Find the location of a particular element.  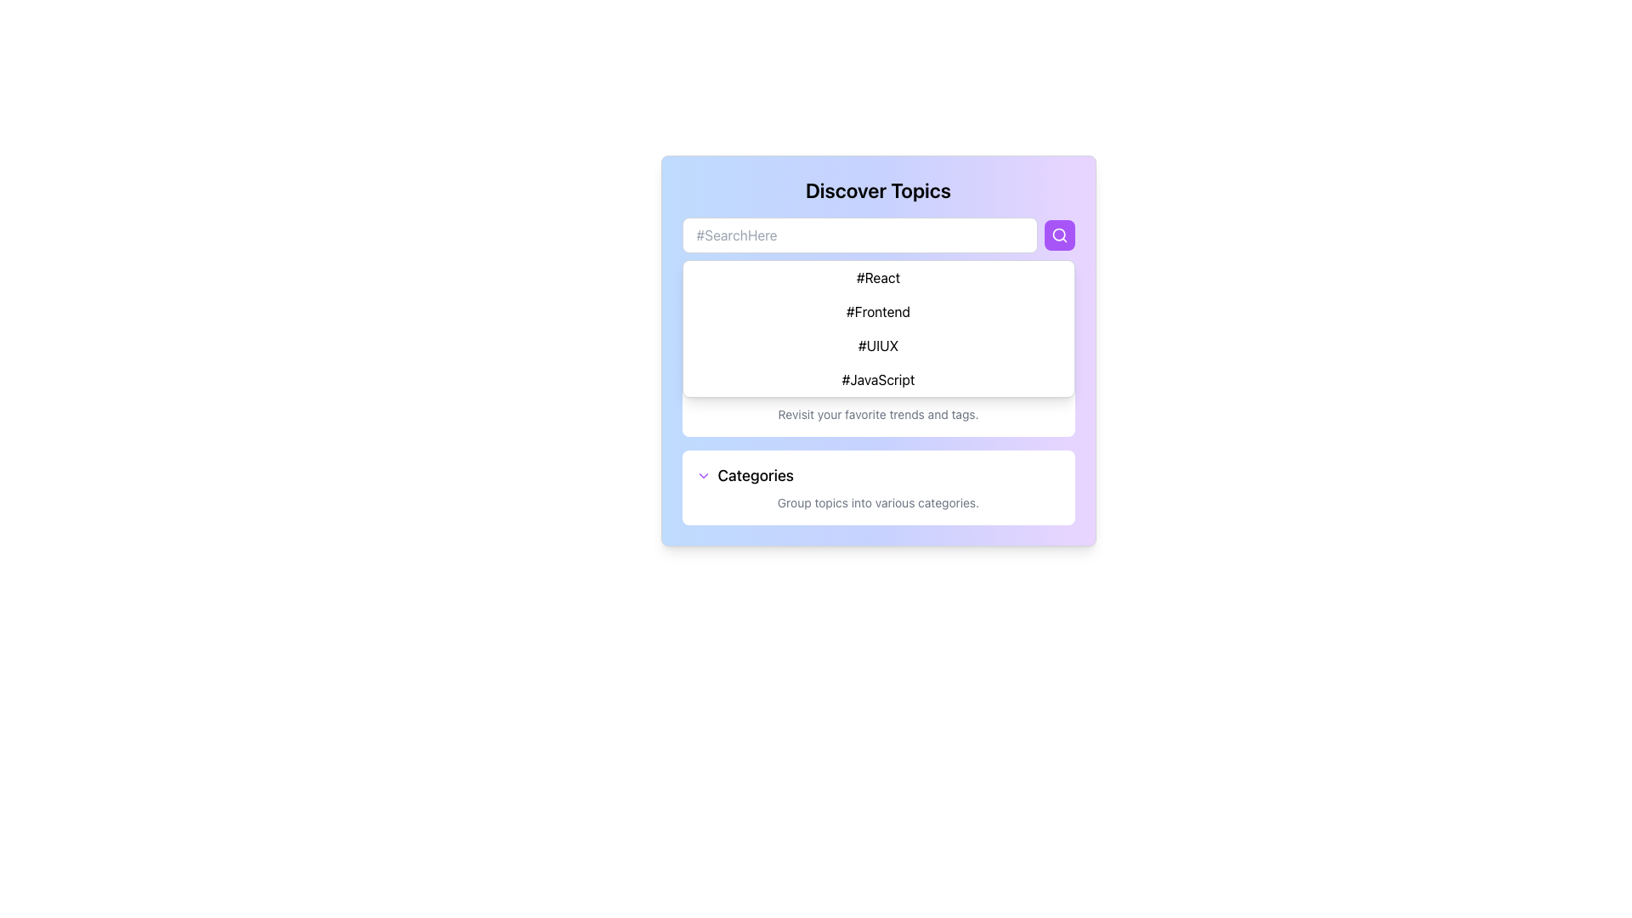

the second Text Label in the dropdown titled 'Discover Topics' is located at coordinates (878, 311).